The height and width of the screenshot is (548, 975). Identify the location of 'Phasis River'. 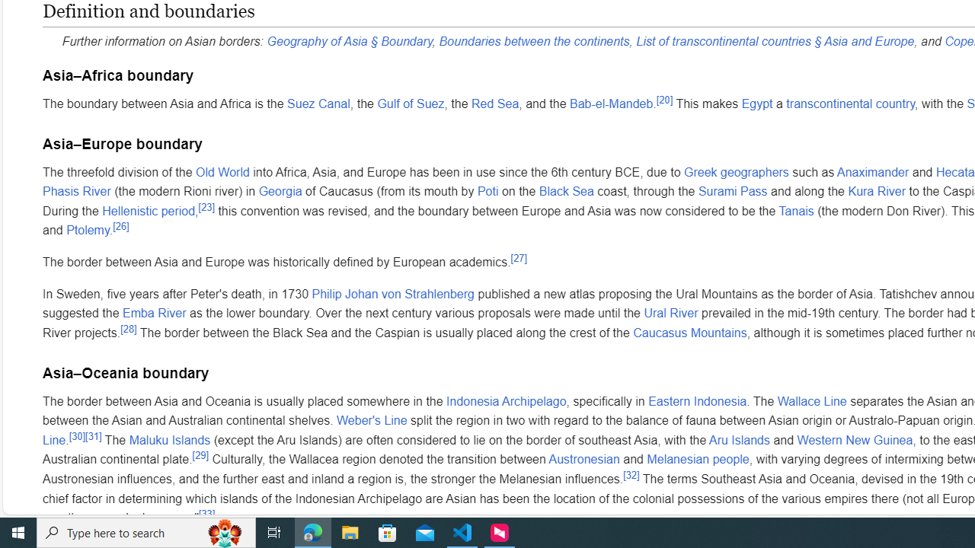
(76, 190).